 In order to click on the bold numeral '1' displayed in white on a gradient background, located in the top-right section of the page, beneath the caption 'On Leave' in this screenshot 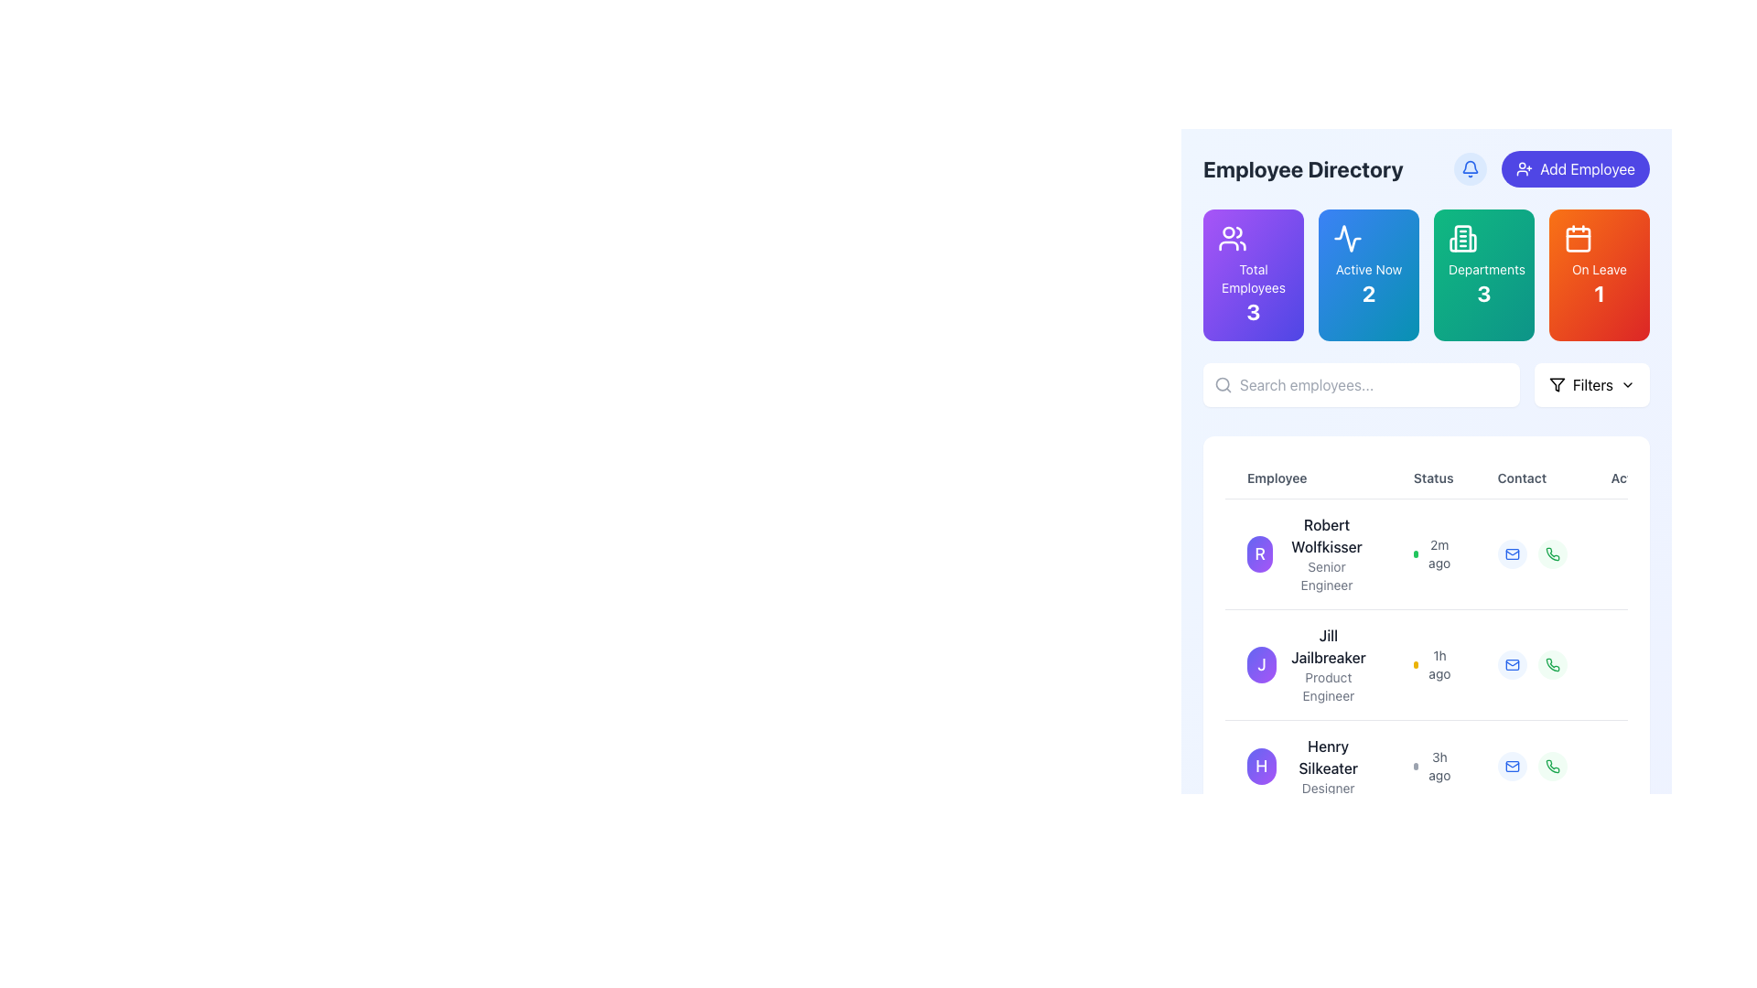, I will do `click(1598, 292)`.